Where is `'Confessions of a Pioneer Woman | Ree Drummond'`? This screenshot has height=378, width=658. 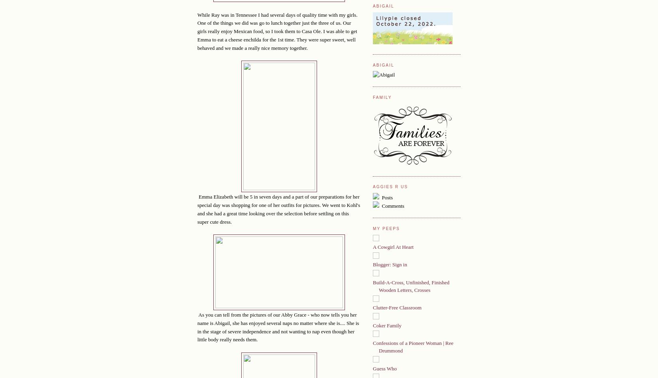
'Confessions of a Pioneer Woman | Ree Drummond' is located at coordinates (413, 346).